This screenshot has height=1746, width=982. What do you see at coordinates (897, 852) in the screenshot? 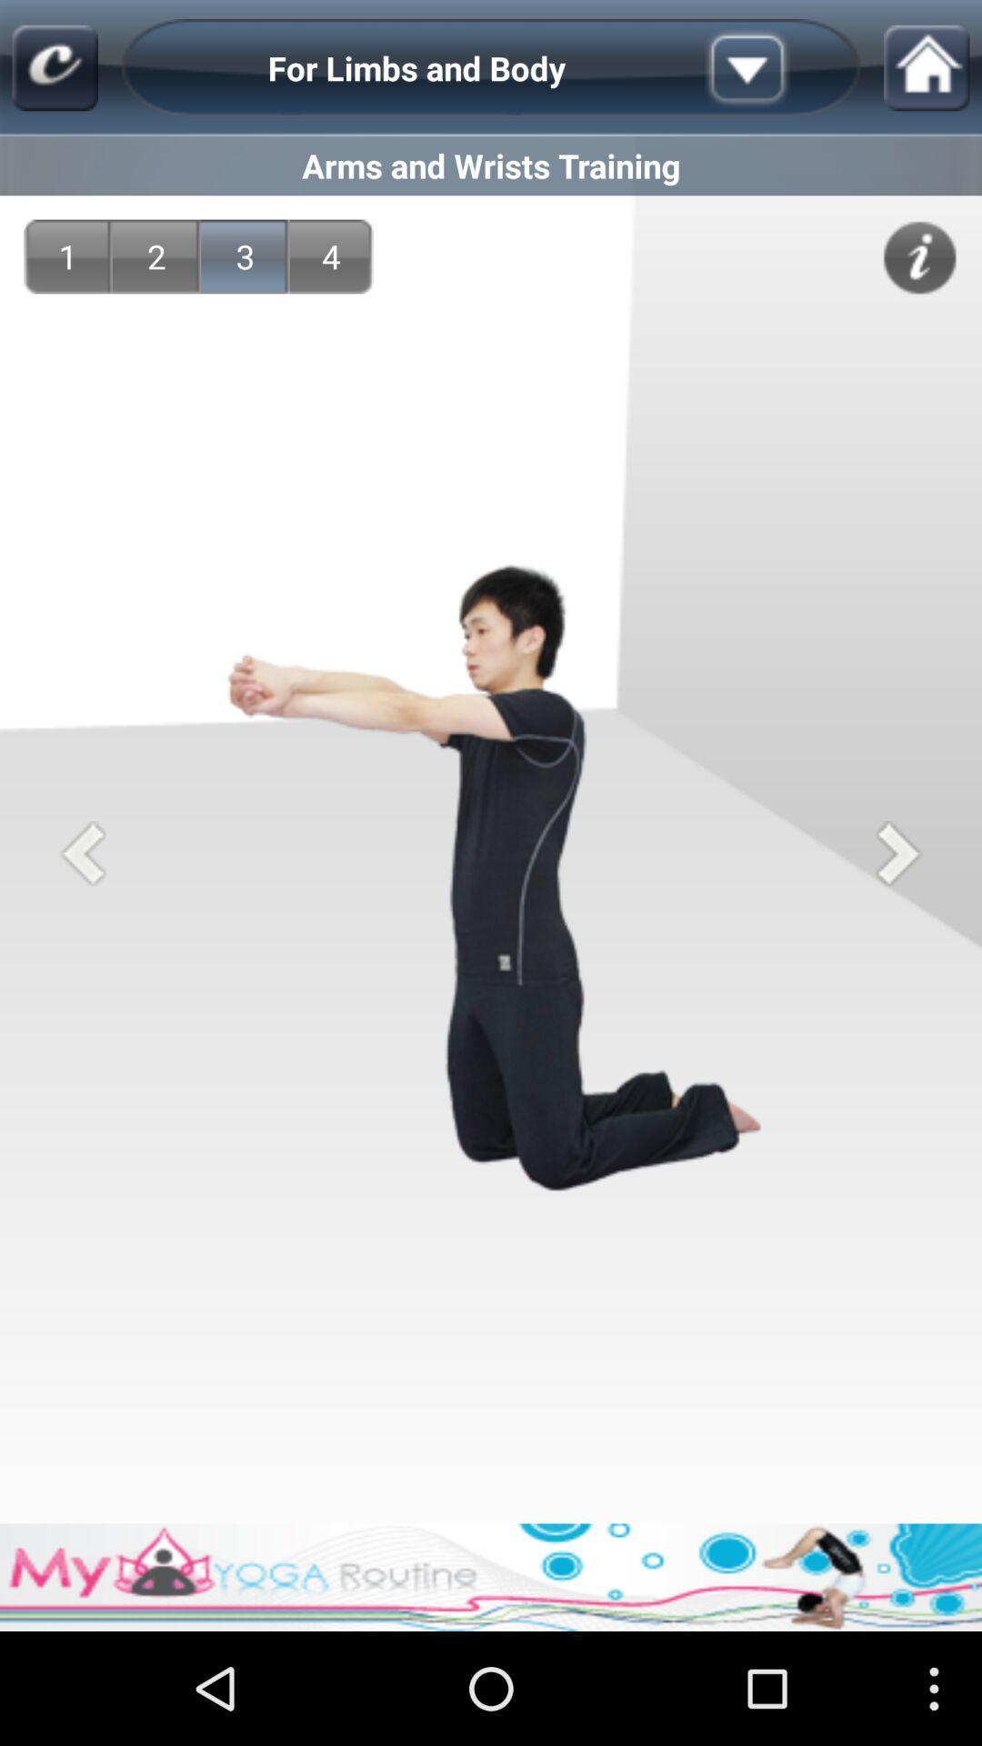
I see `next` at bounding box center [897, 852].